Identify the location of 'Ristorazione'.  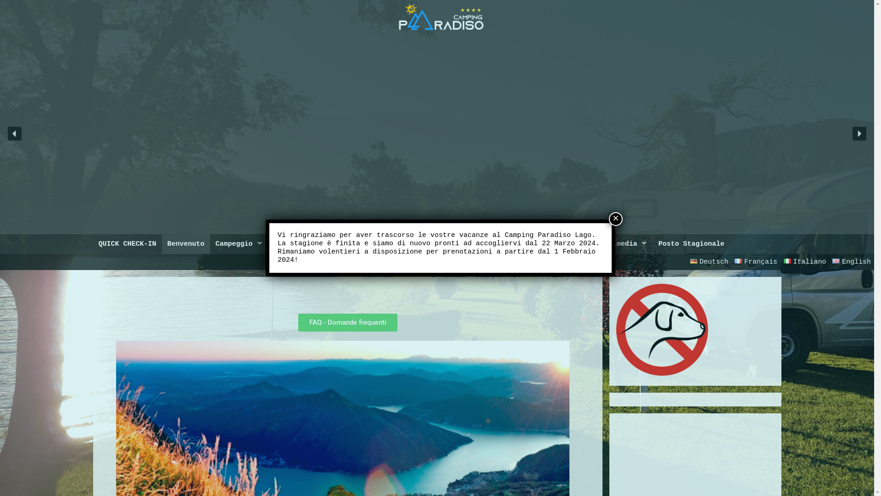
(438, 243).